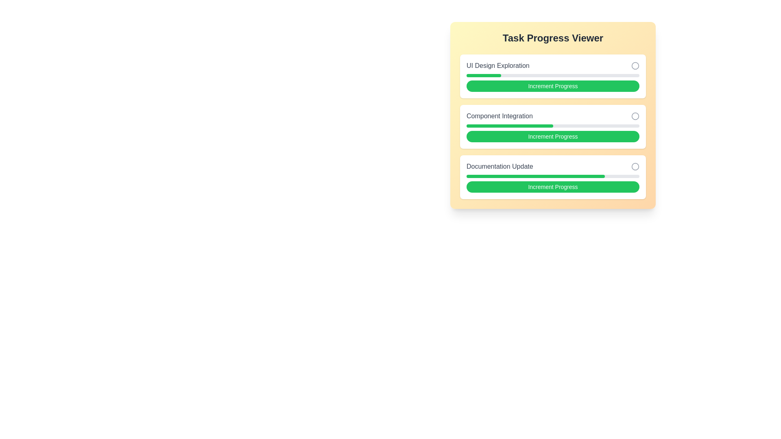  Describe the element at coordinates (497, 65) in the screenshot. I see `the static text label titled 'UI Design Exploration', which identifies a task item in the 'Task Progress Viewer' section` at that location.